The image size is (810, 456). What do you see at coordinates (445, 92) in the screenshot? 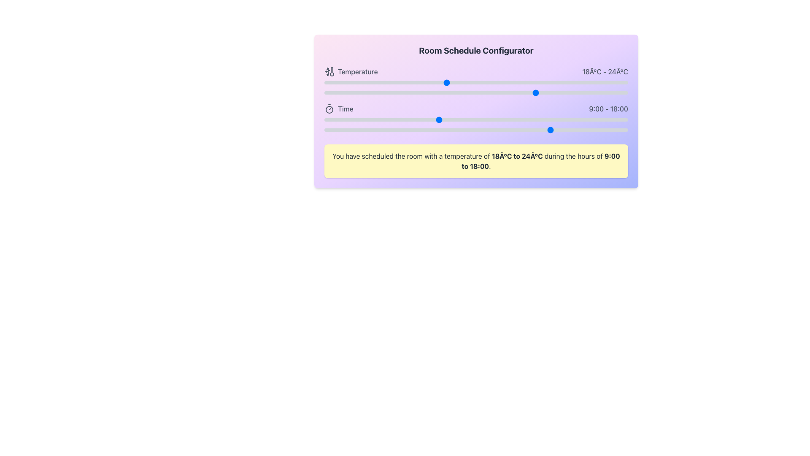
I see `the slider value` at bounding box center [445, 92].